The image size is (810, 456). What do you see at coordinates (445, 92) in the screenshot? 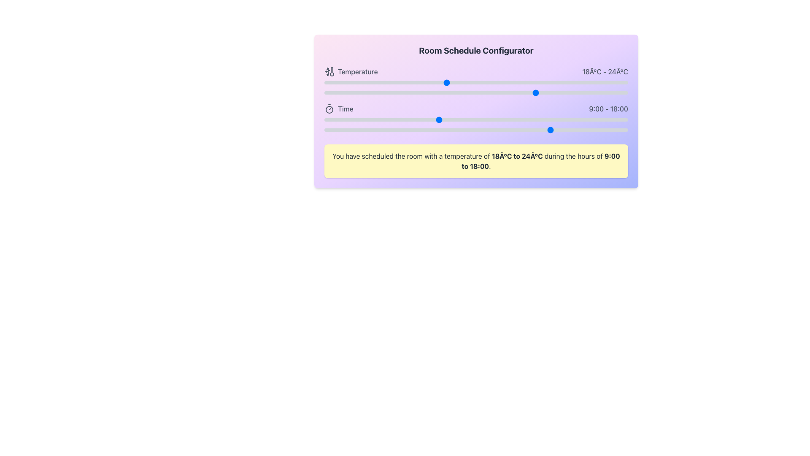
I see `the slider value` at bounding box center [445, 92].